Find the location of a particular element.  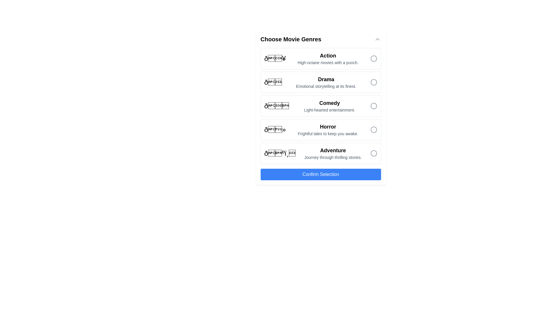

the 'Horror' genre text label is located at coordinates (328, 127).